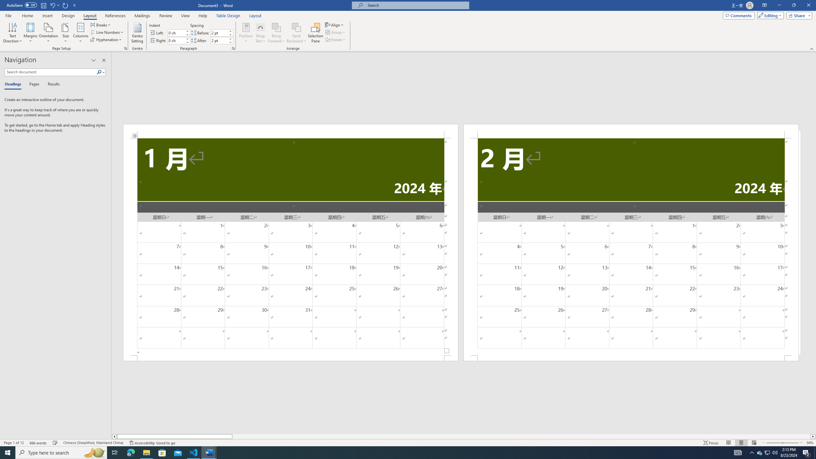 Image resolution: width=816 pixels, height=459 pixels. What do you see at coordinates (176, 40) in the screenshot?
I see `'Indent Right'` at bounding box center [176, 40].